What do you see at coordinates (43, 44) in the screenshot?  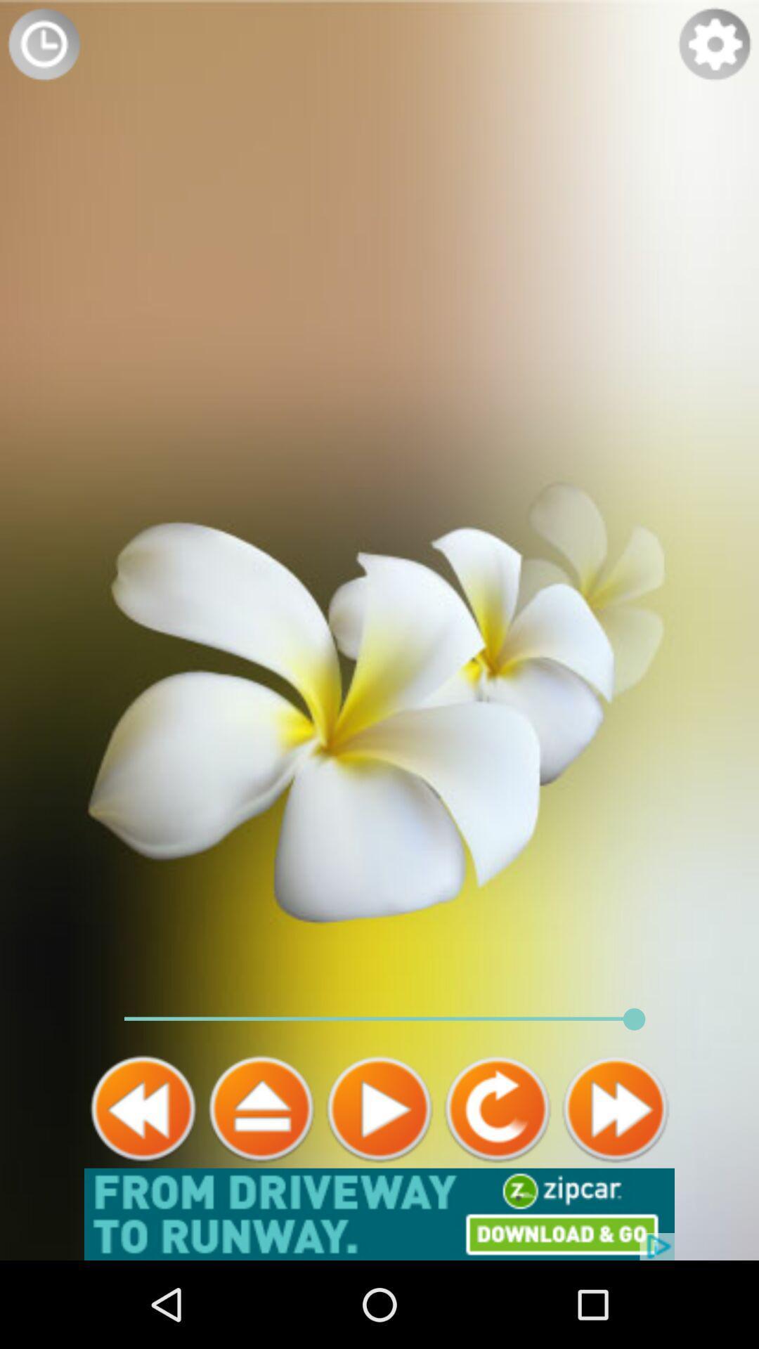 I see `the time icon` at bounding box center [43, 44].